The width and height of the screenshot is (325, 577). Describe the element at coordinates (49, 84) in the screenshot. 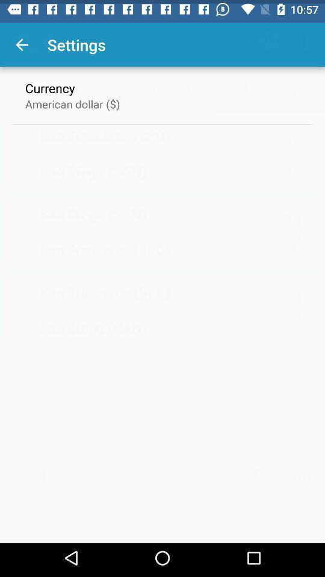

I see `the currency item` at that location.